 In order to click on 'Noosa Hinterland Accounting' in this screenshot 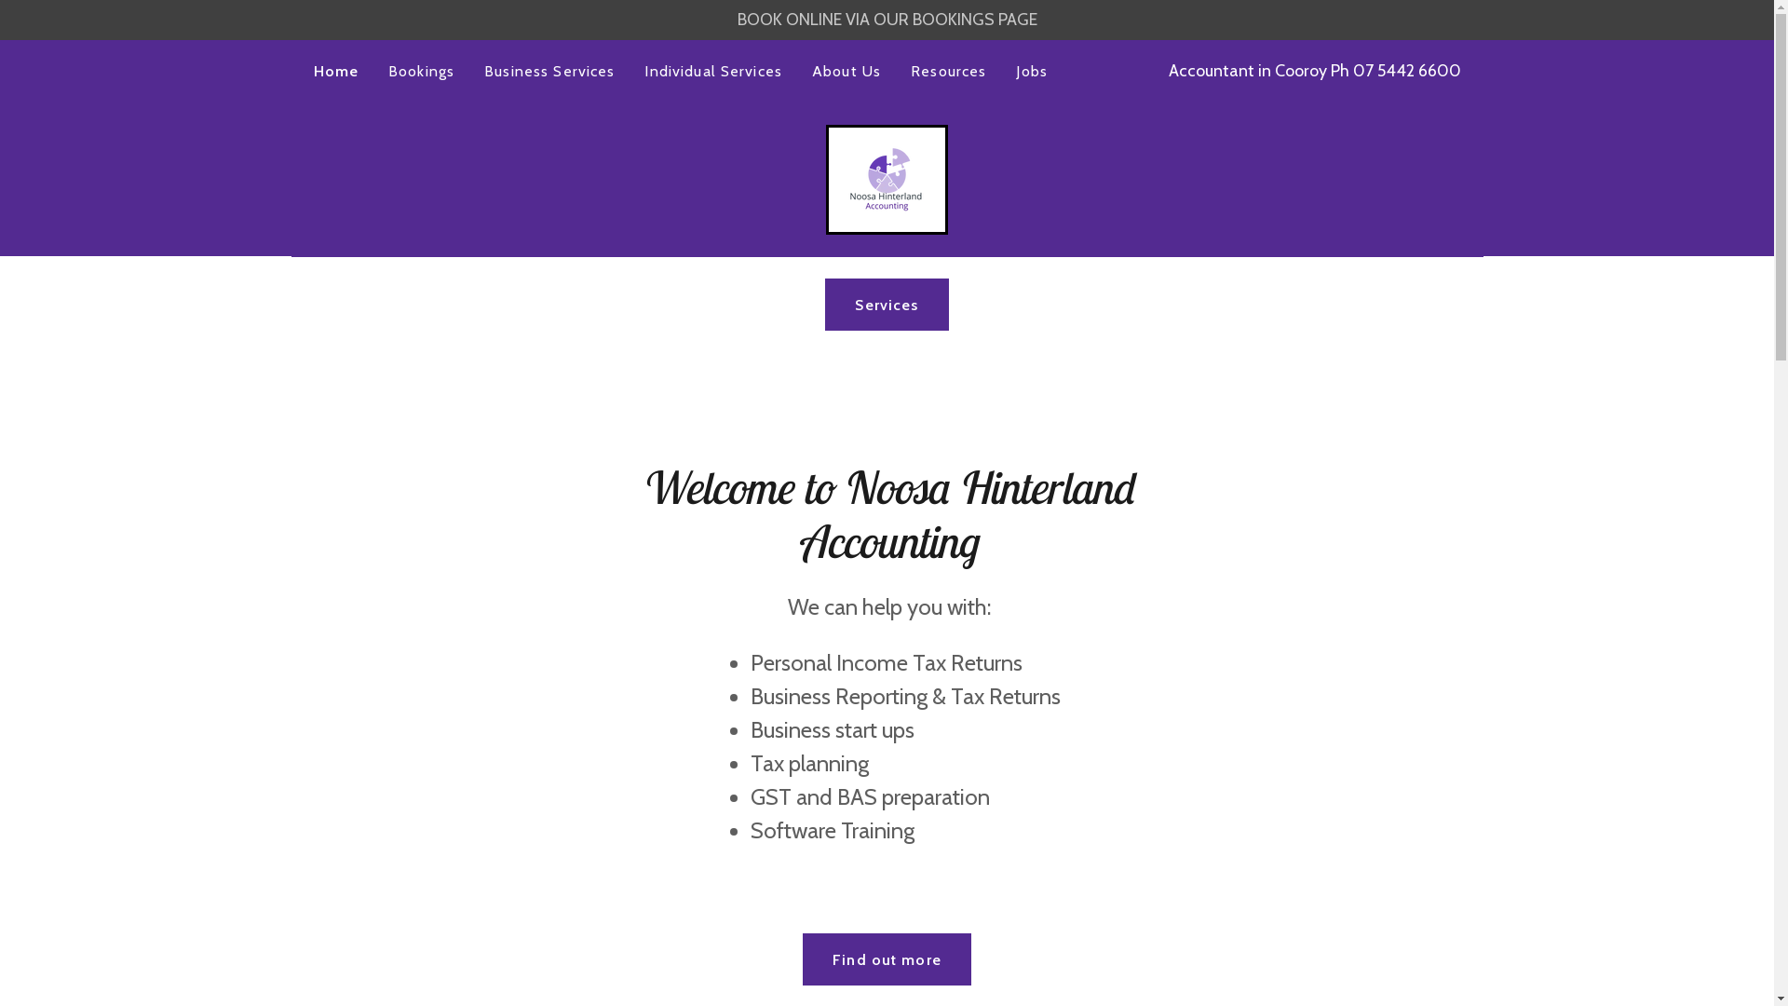, I will do `click(843, 178)`.